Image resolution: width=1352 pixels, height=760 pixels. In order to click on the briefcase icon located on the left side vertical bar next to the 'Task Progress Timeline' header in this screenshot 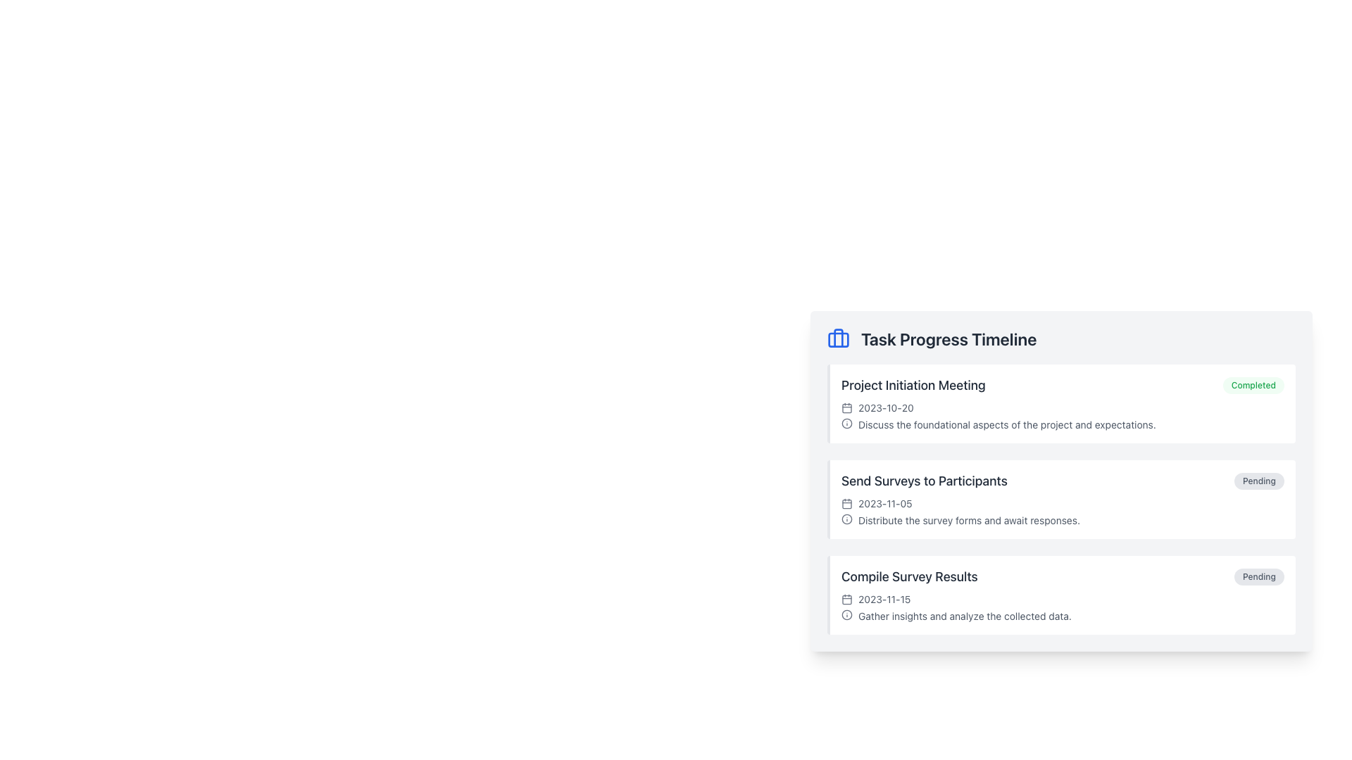, I will do `click(838, 337)`.